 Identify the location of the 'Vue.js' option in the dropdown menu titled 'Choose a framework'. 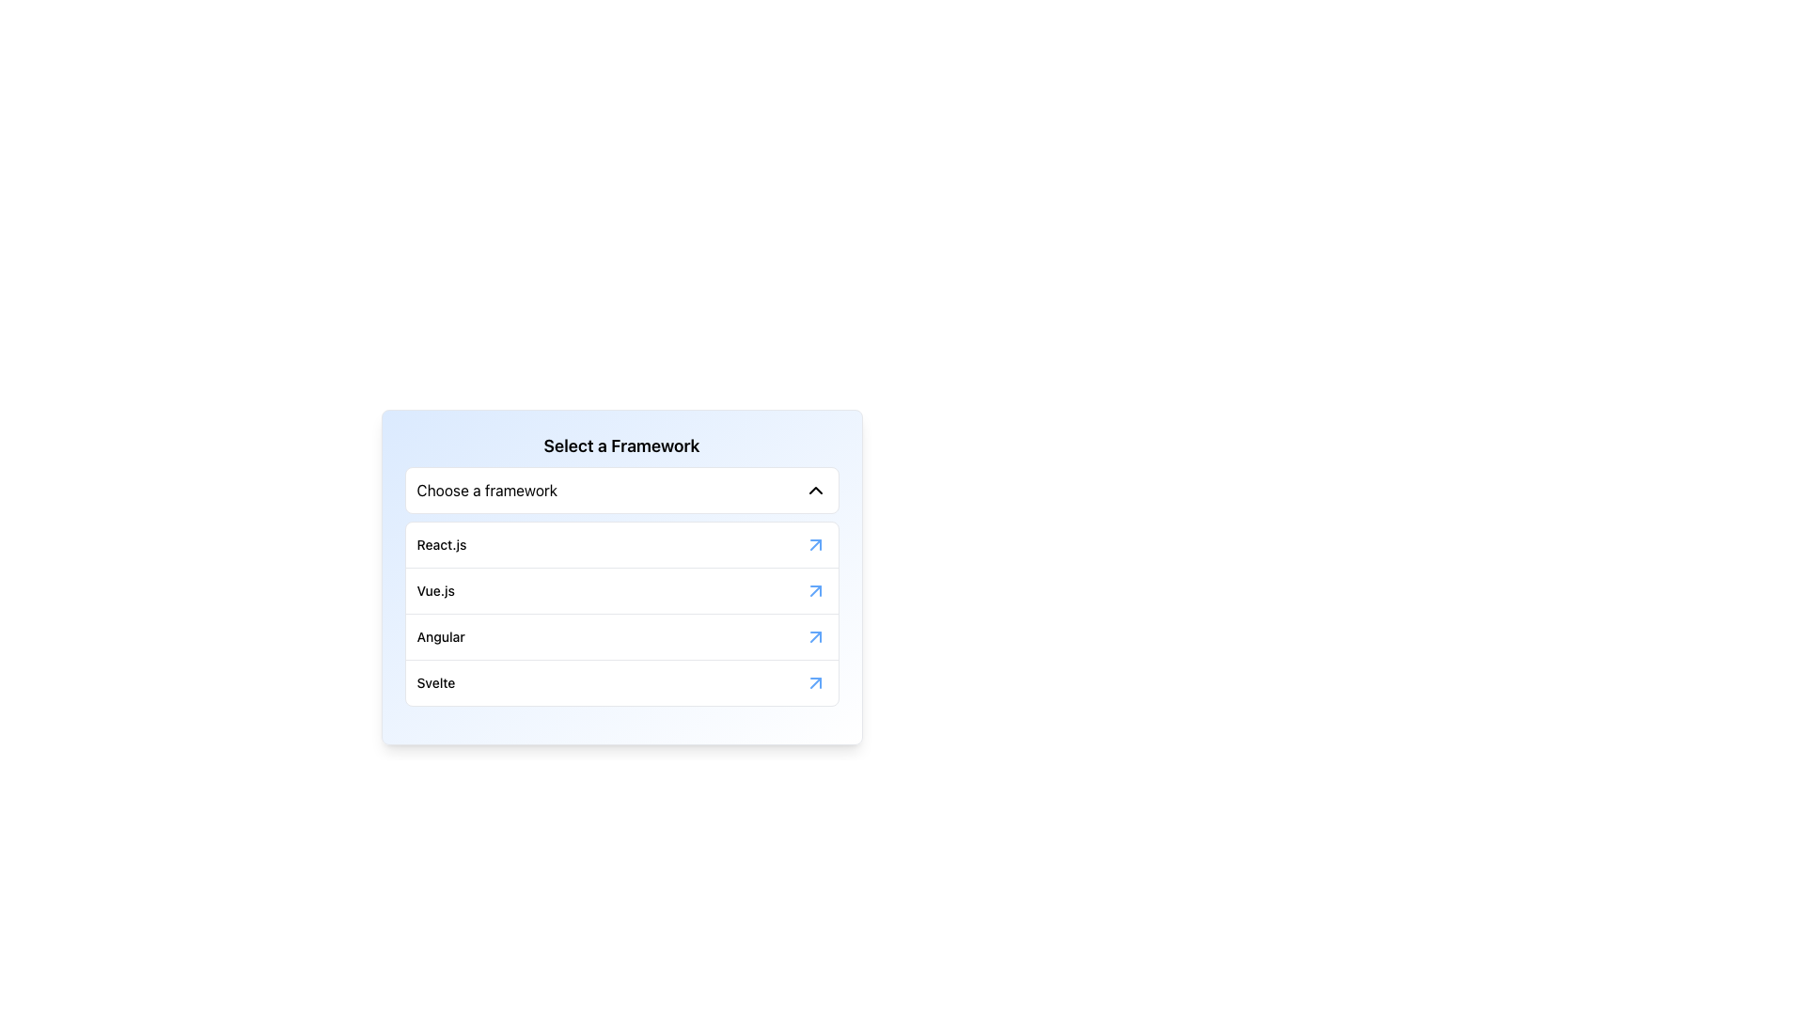
(621, 586).